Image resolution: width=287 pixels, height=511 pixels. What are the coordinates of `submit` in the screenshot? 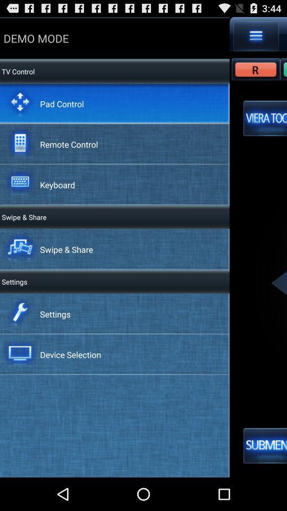 It's located at (265, 446).